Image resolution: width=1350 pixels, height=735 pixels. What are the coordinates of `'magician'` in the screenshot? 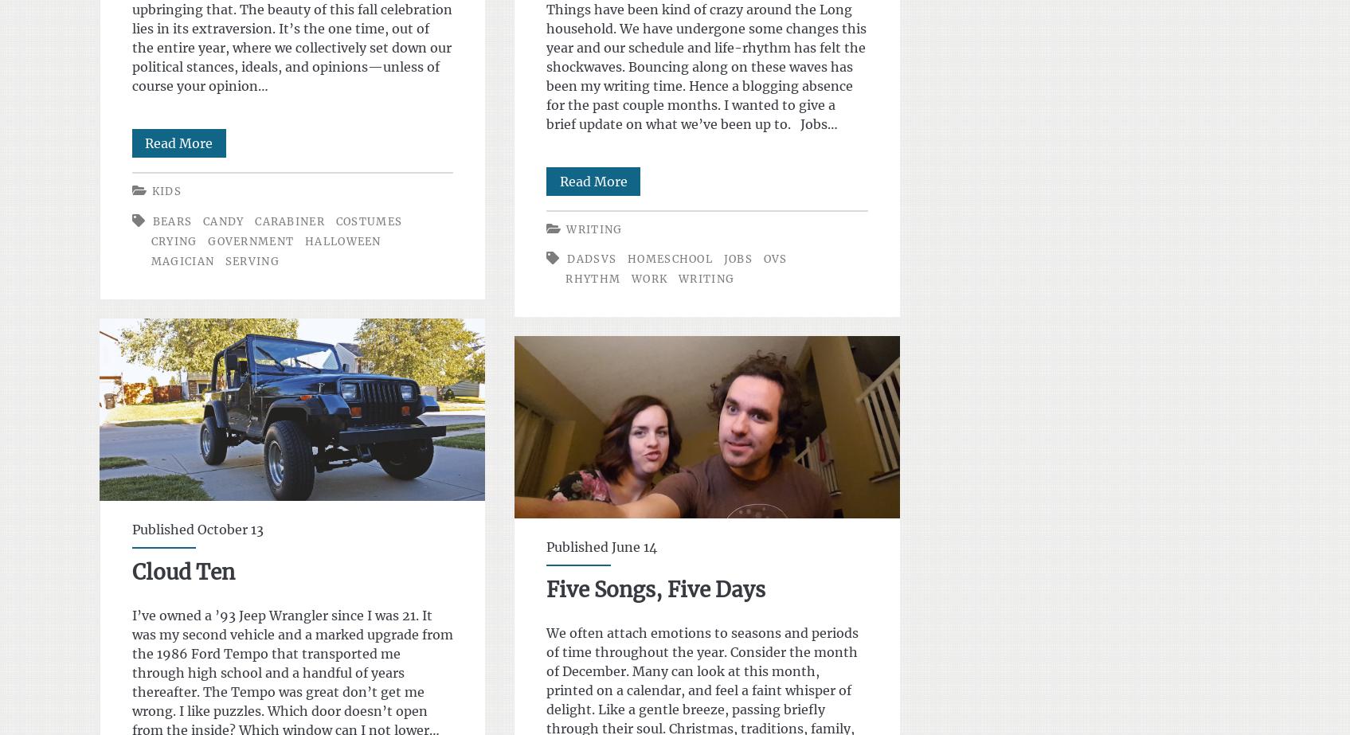 It's located at (181, 260).